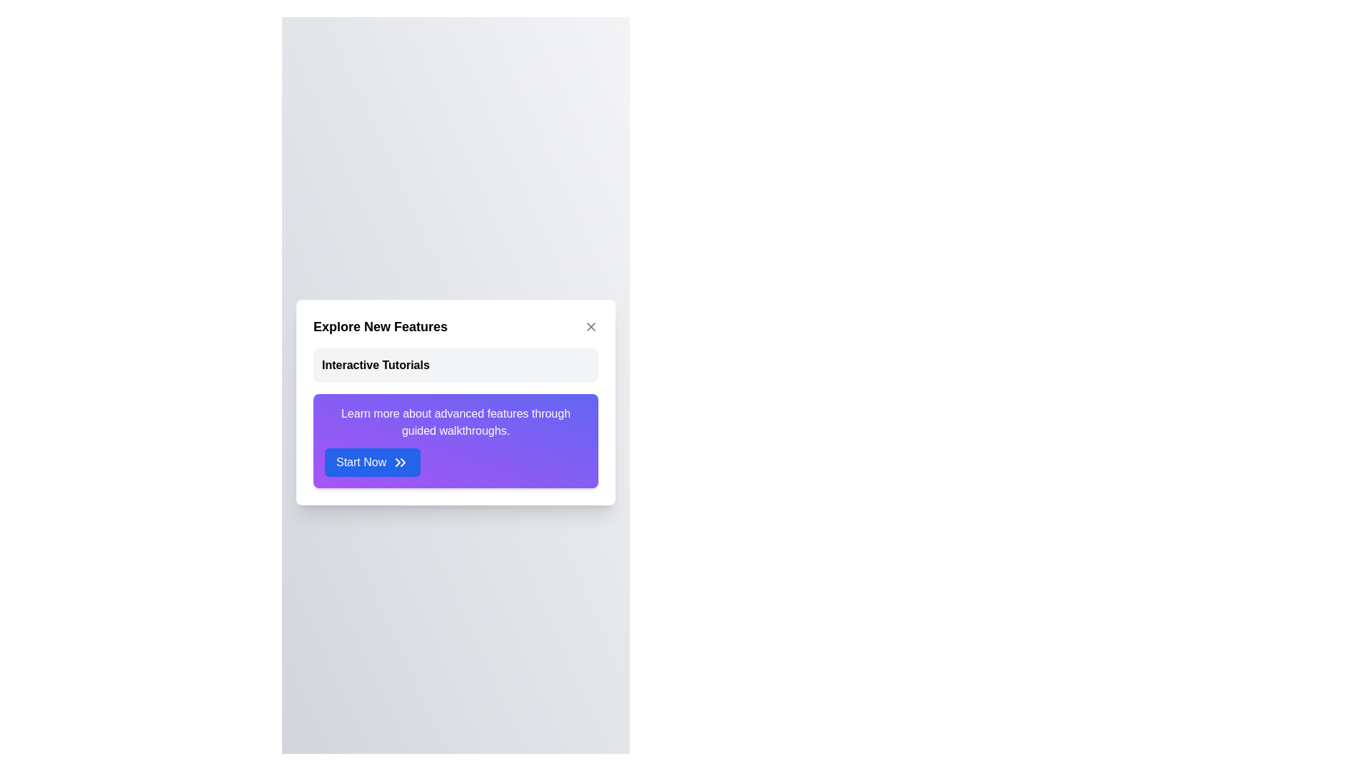 This screenshot has width=1371, height=771. I want to click on the call-to-action button located at the bottom-left corner of the purple gradient box, so click(373, 463).